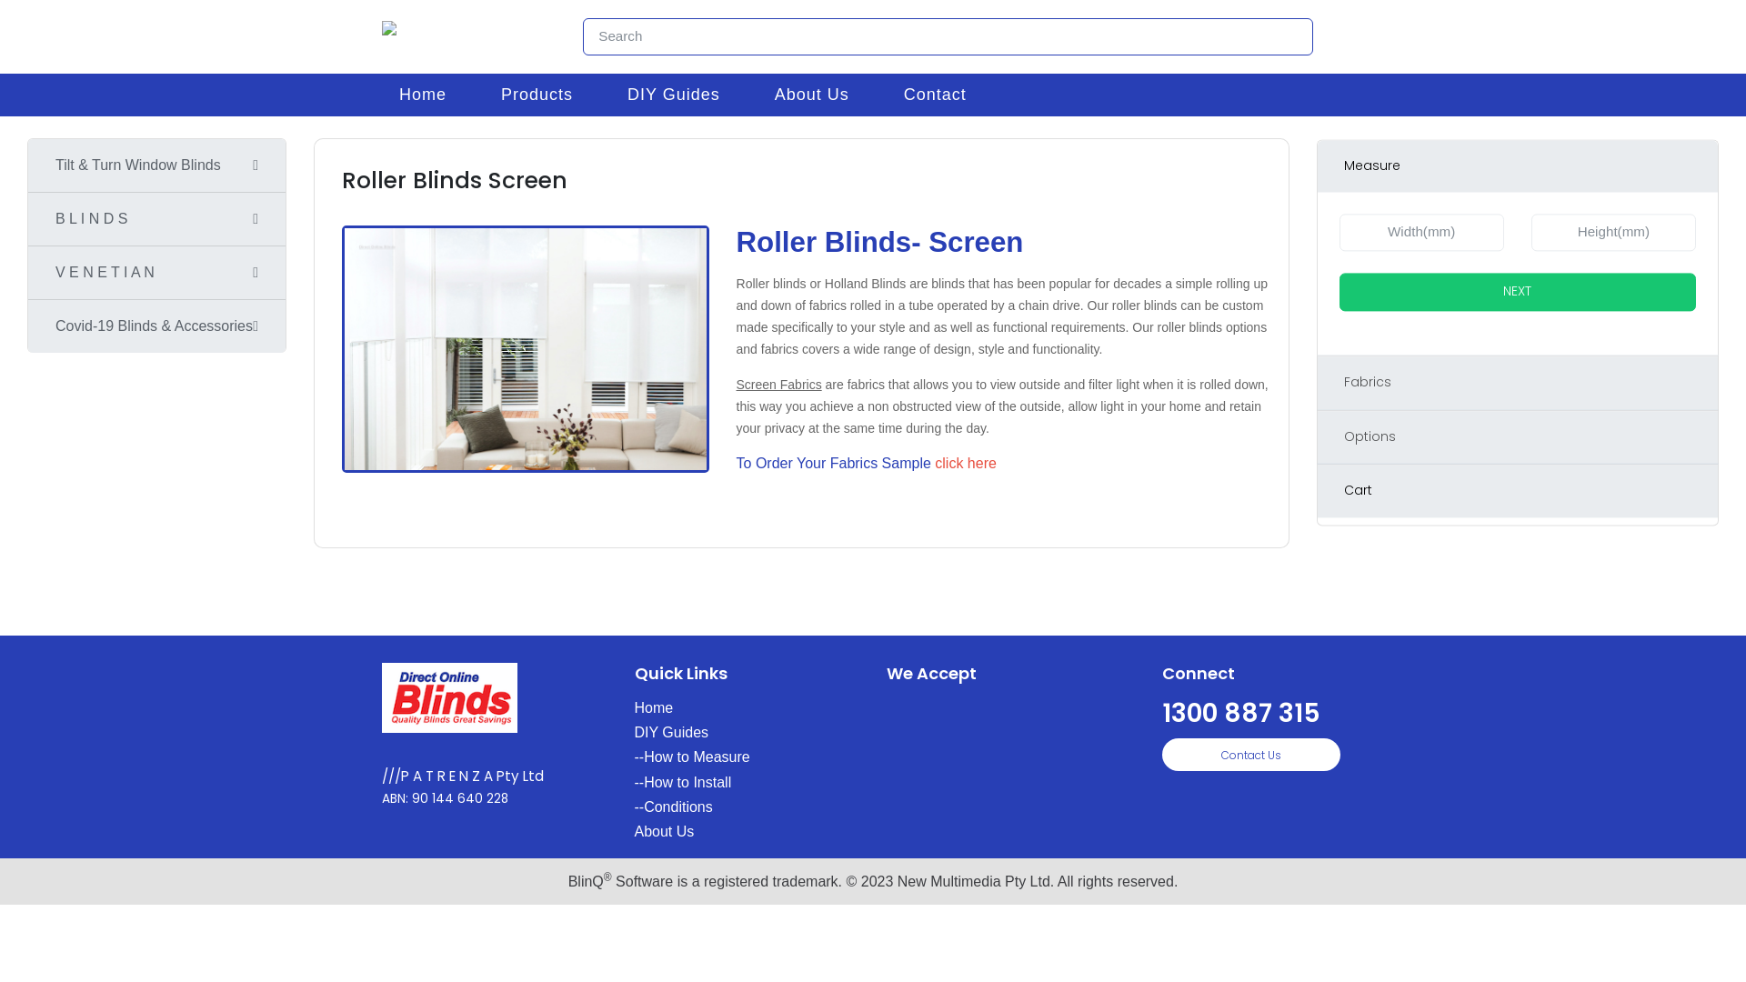 This screenshot has height=982, width=1746. Describe the element at coordinates (154, 325) in the screenshot. I see `'Covid-19 Blinds & Accessories'` at that location.